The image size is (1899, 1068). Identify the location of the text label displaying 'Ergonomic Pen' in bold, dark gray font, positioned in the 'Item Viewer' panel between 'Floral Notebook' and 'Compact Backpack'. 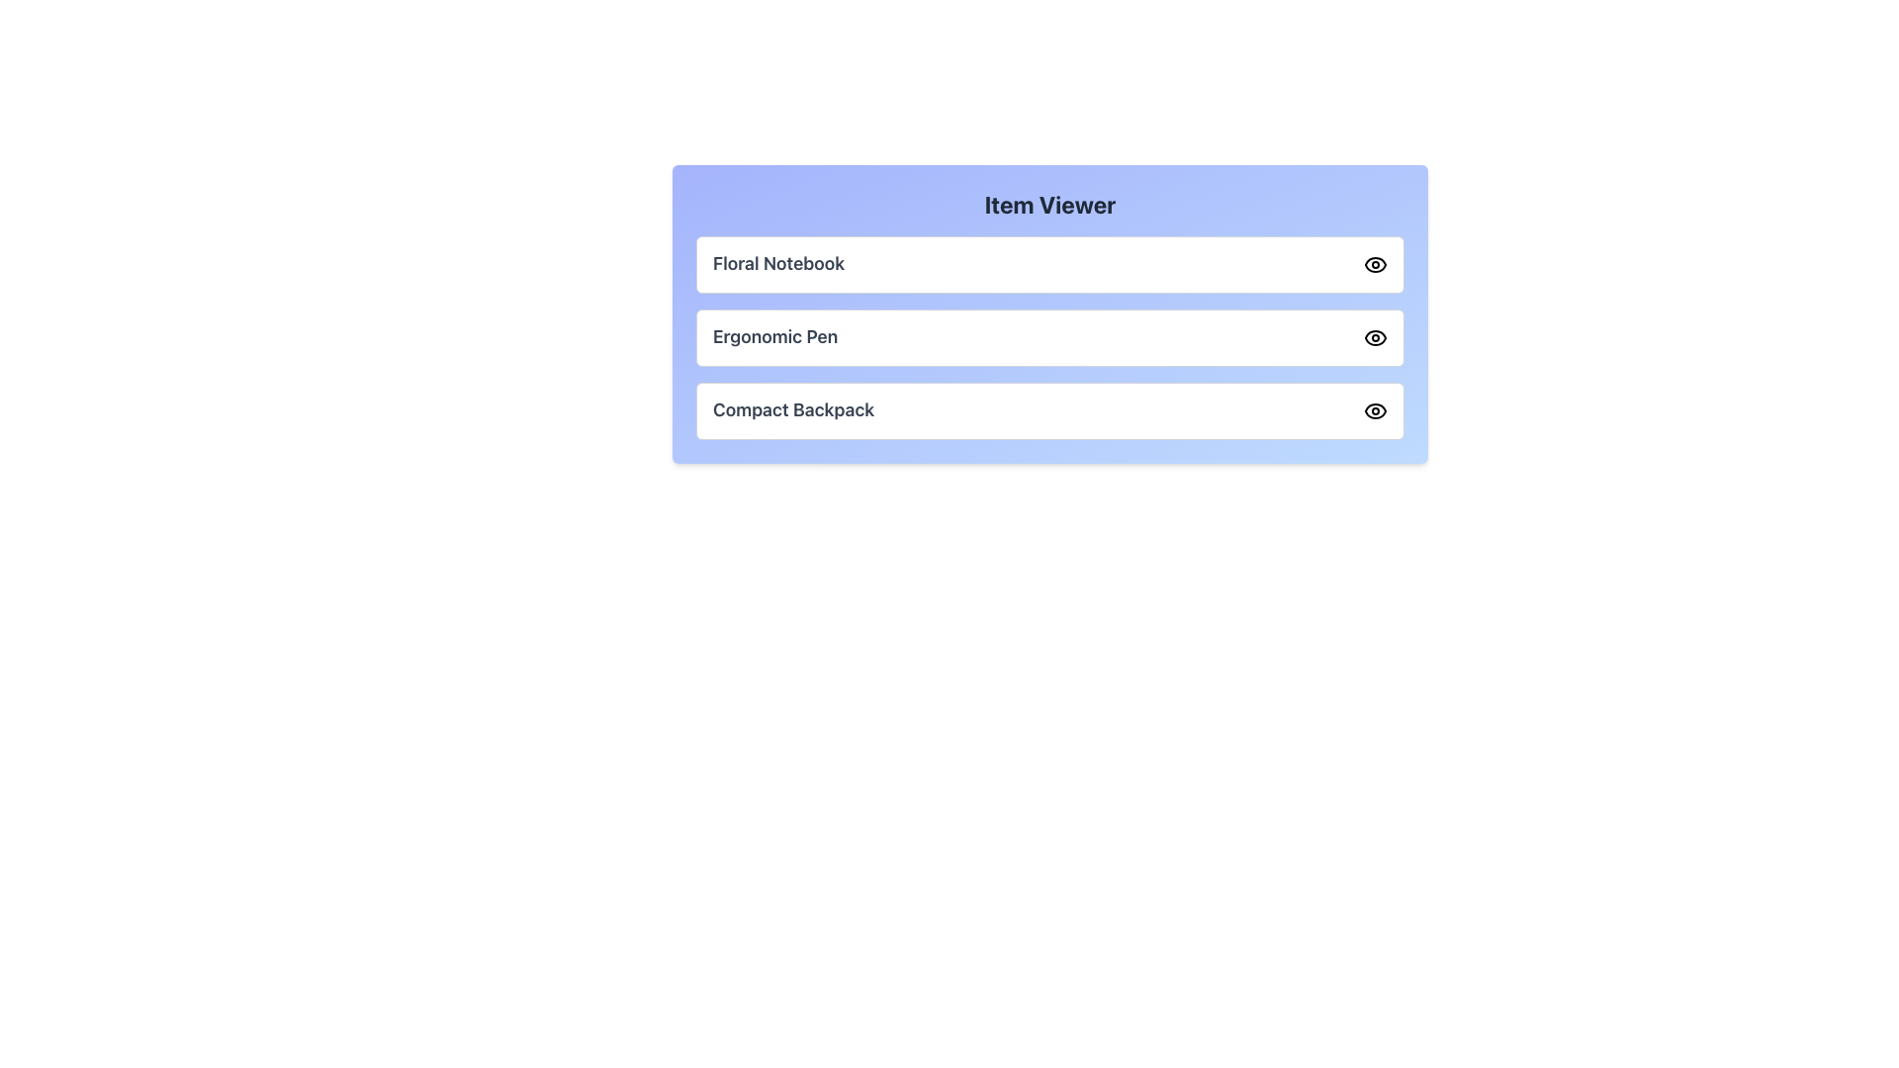
(774, 337).